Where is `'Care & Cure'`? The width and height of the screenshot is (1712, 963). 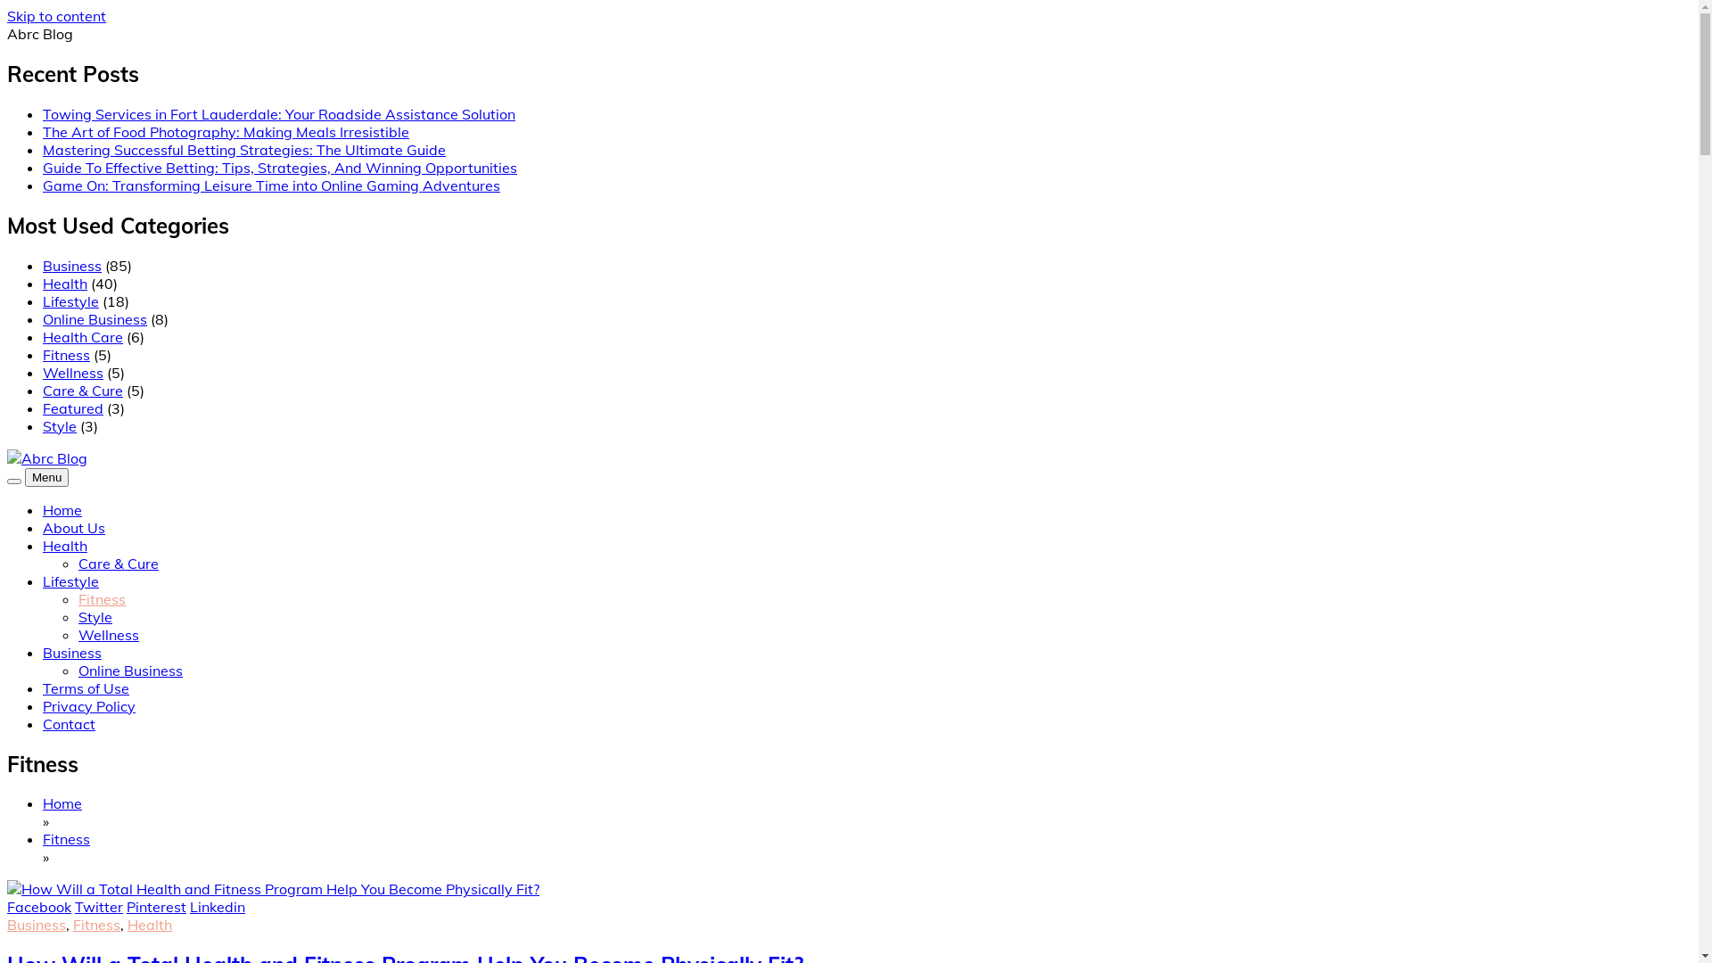 'Care & Cure' is located at coordinates (81, 390).